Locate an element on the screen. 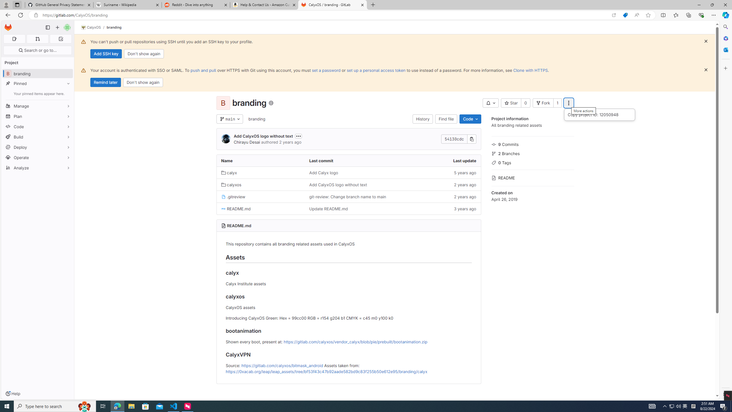  'git-review: Change branch name to main' is located at coordinates (348, 196).